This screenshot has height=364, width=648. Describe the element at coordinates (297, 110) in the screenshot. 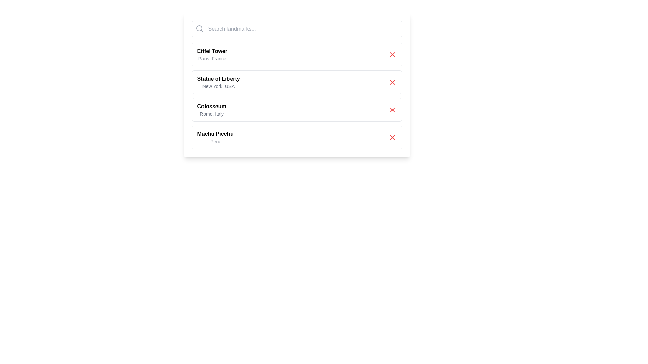

I see `the third selectable list card representing 'Colosseum'` at that location.